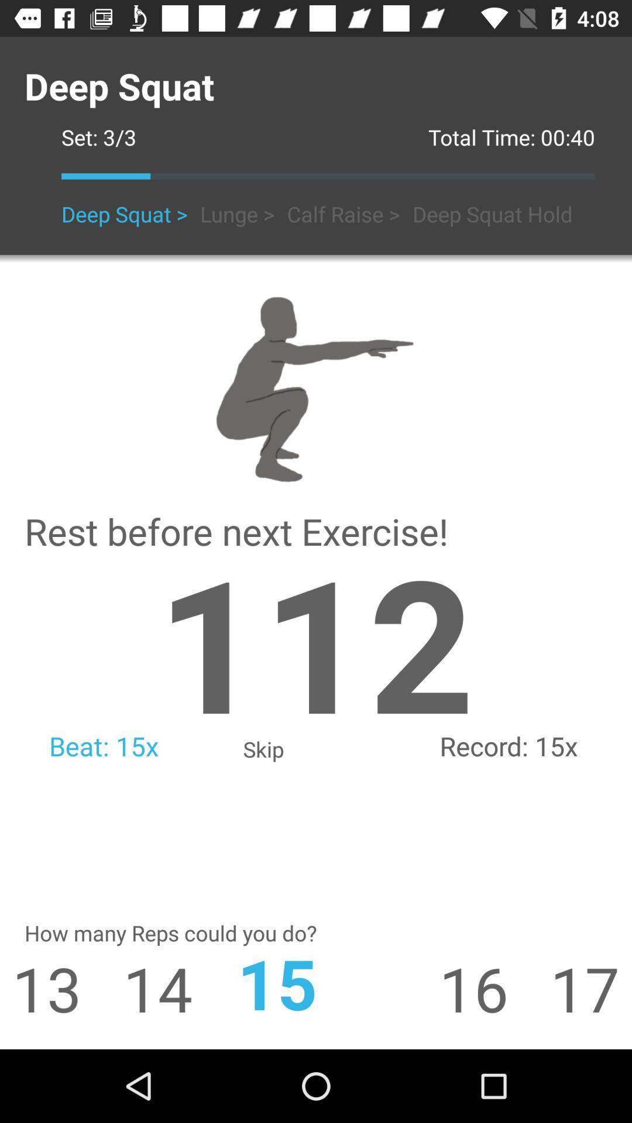  Describe the element at coordinates (315, 640) in the screenshot. I see `icon to the left of 15x icon` at that location.